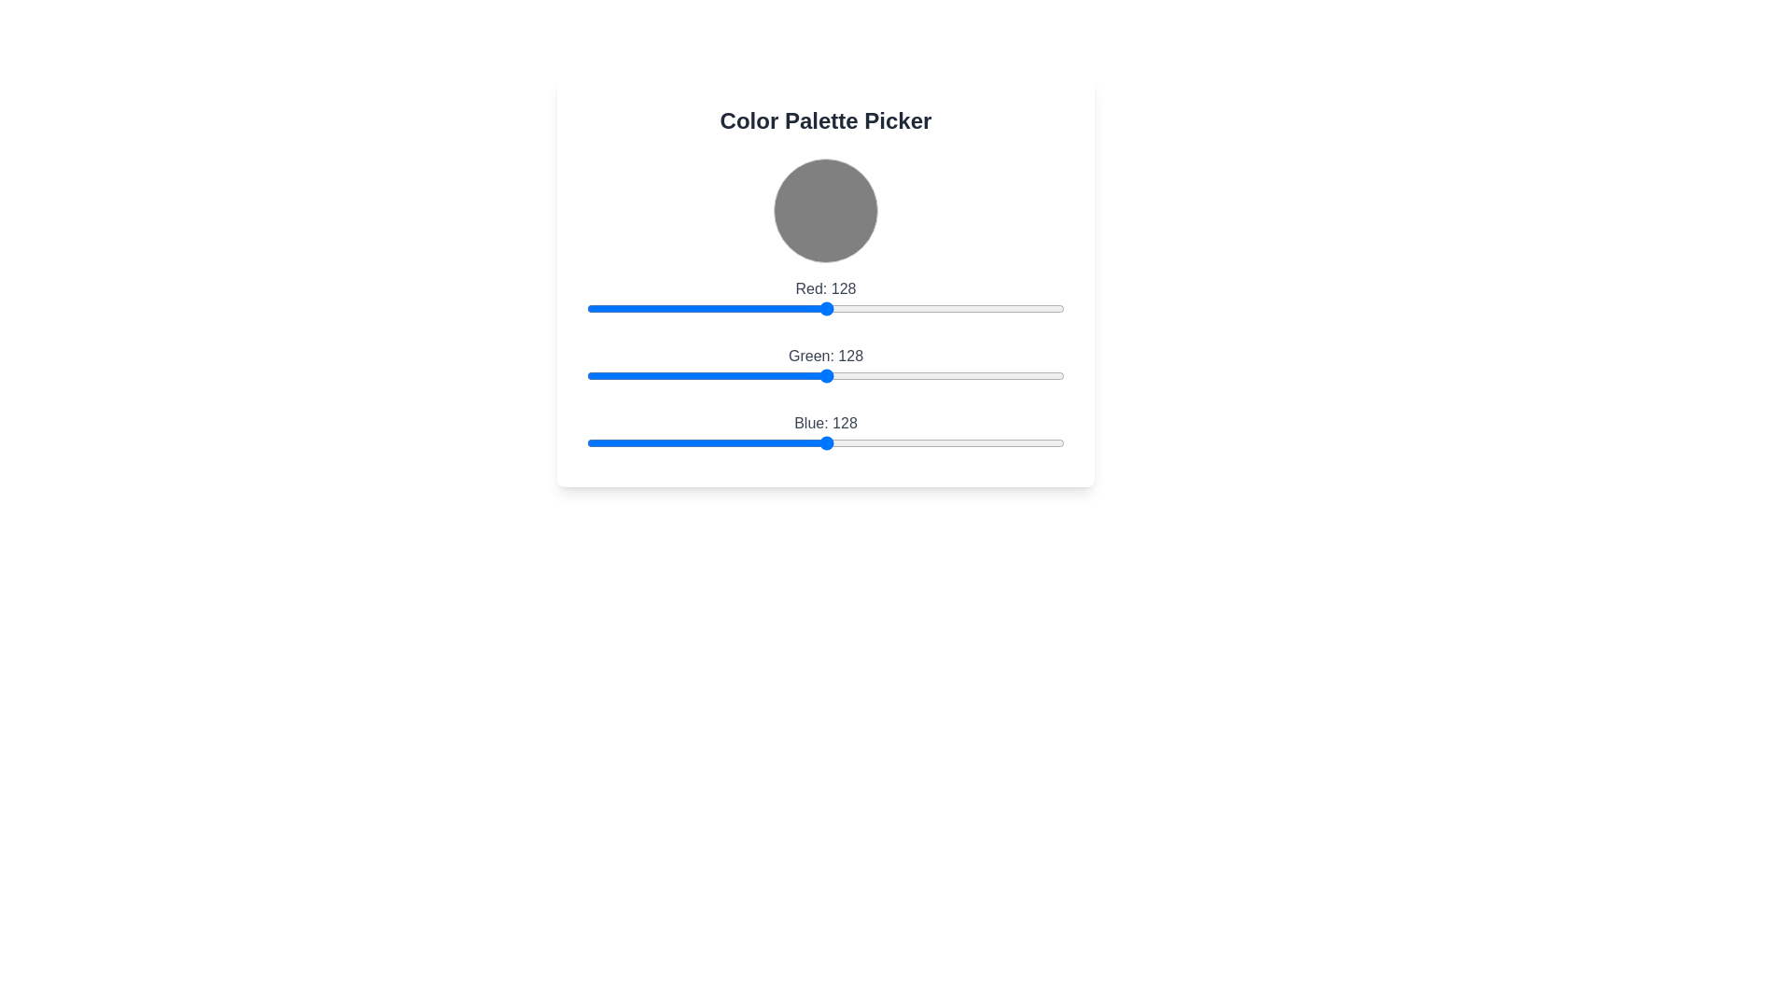 This screenshot has width=1792, height=1008. What do you see at coordinates (824, 442) in the screenshot?
I see `the handle of the blue color component slider located within the section labeled 'Blue: 128'` at bounding box center [824, 442].